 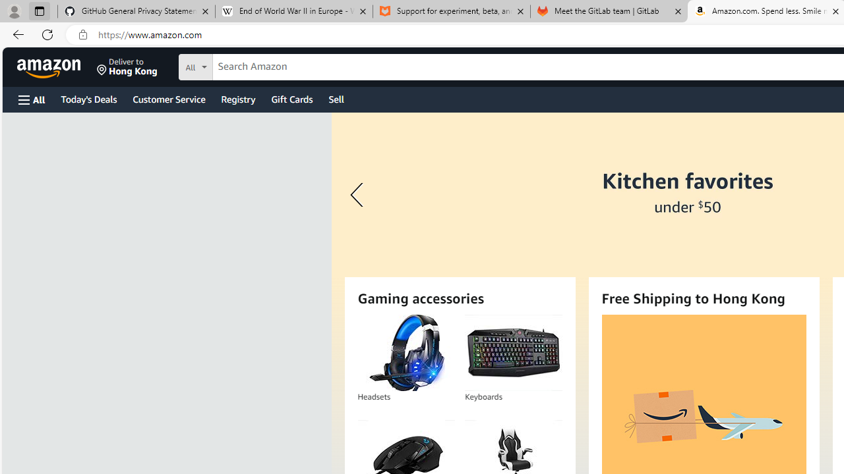 I want to click on 'End of World War II in Europe - Wikipedia', so click(x=293, y=11).